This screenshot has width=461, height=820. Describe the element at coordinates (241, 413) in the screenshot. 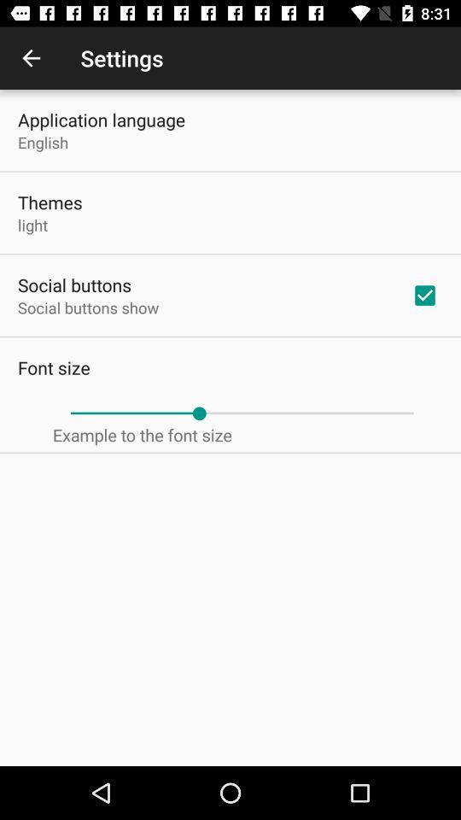

I see `item below font size` at that location.